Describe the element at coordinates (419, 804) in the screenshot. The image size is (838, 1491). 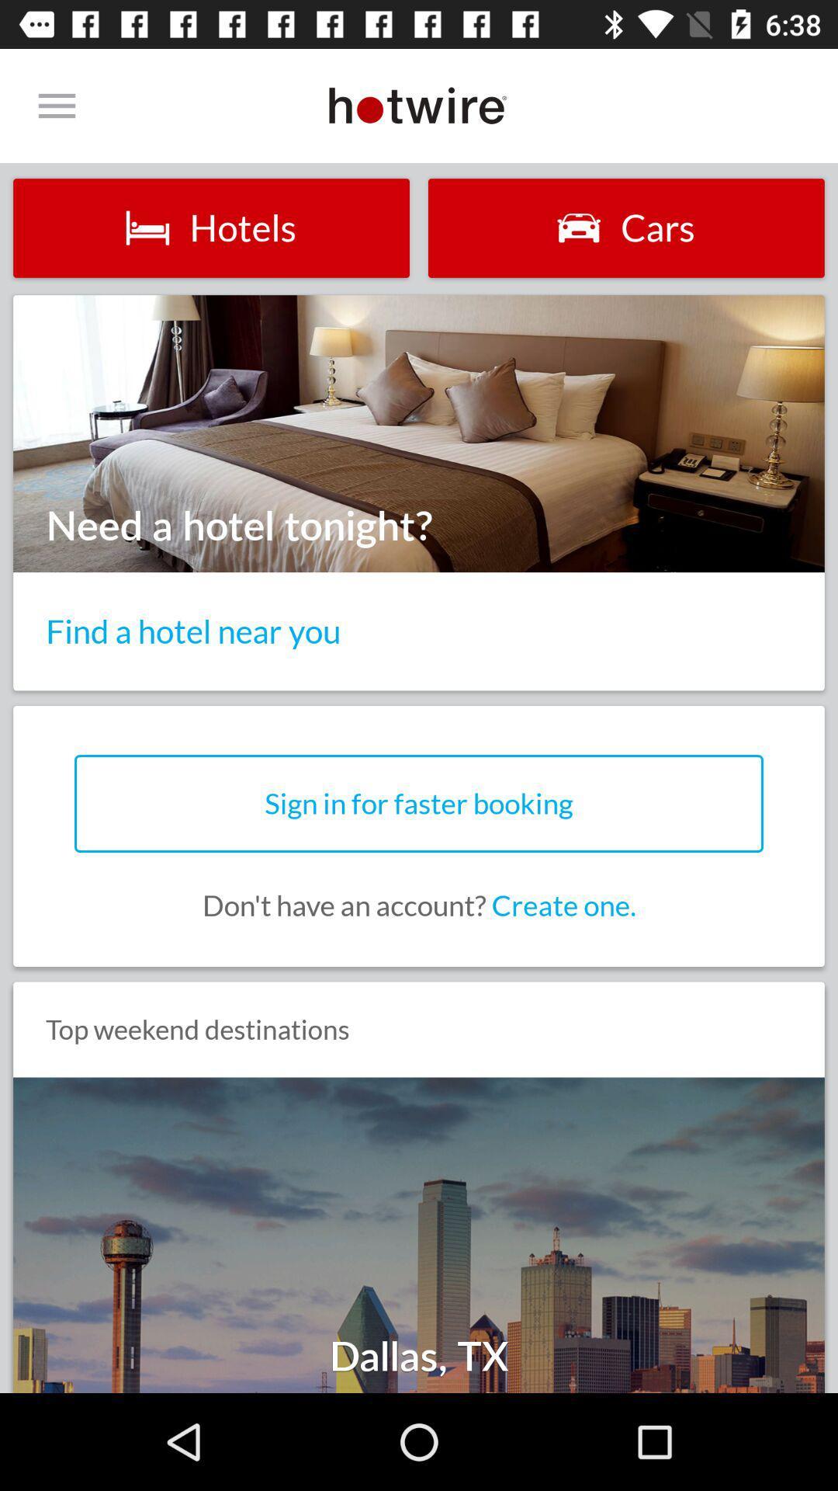
I see `icon above the don t have icon` at that location.